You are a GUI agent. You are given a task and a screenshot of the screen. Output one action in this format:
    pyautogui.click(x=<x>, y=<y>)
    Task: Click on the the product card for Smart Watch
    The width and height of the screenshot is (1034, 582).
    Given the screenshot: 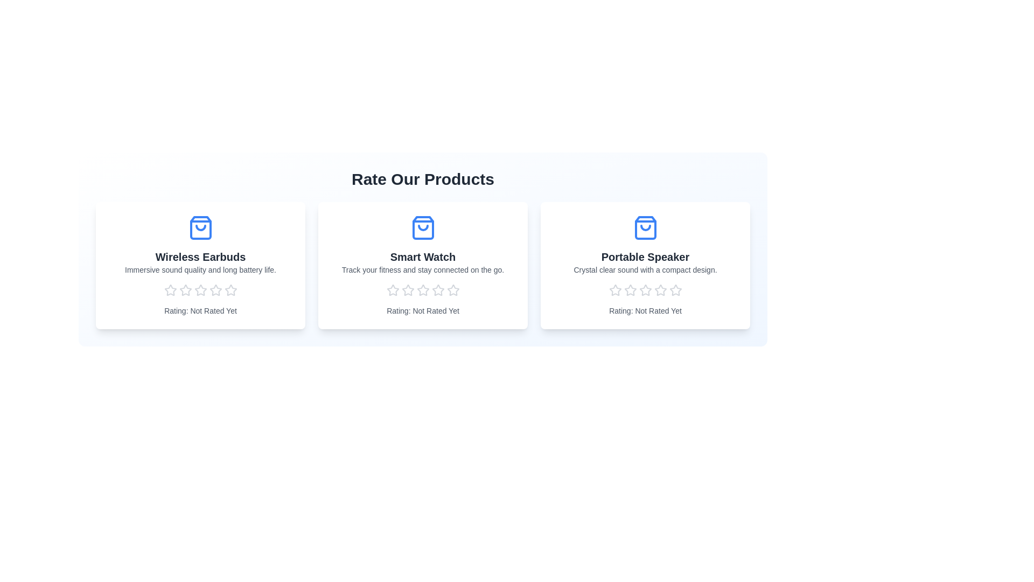 What is the action you would take?
    pyautogui.click(x=422, y=266)
    